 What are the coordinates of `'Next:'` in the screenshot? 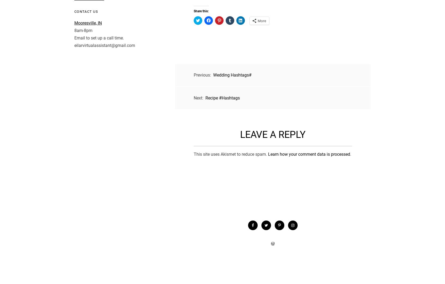 It's located at (198, 98).